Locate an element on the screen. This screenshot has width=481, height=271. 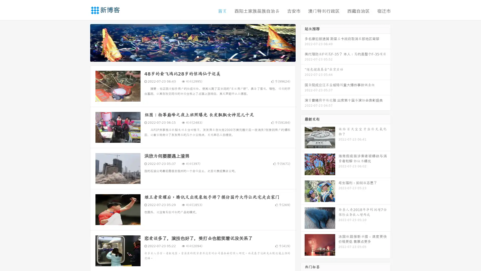
Go to slide 3 is located at coordinates (198, 56).